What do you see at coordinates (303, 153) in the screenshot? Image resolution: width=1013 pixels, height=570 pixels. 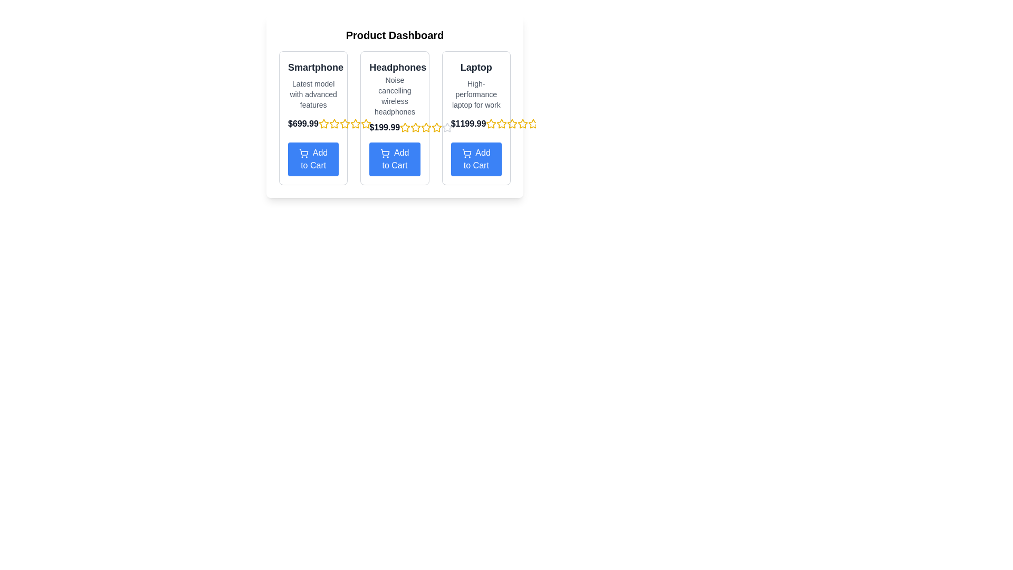 I see `the shopping cart icon, which is a wireframe style icon located within the blue 'Add to Cart' button, to receive potential visual feedback` at bounding box center [303, 153].